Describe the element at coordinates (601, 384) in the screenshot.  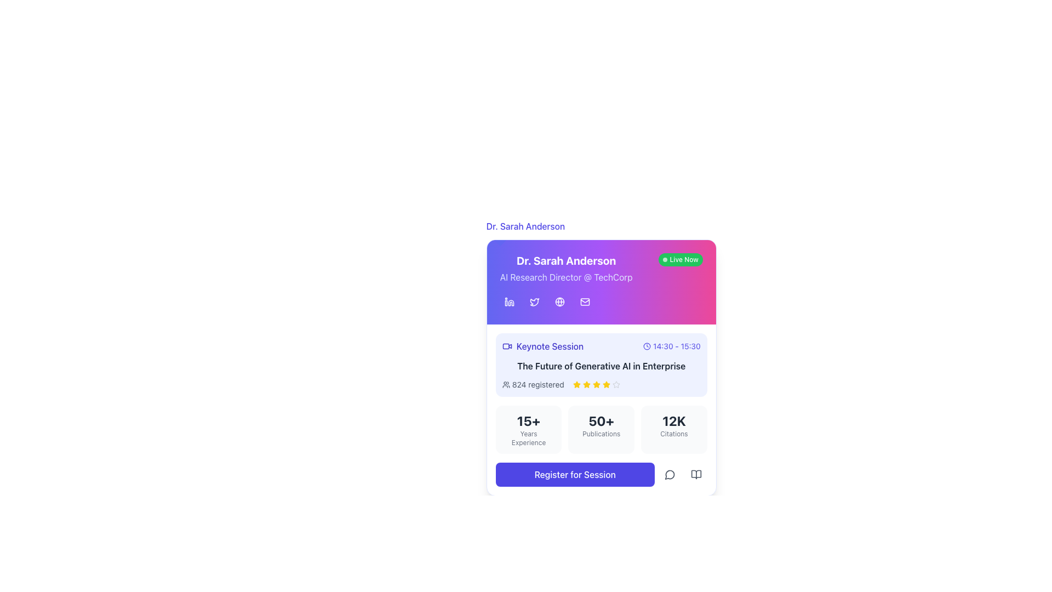
I see `the Information display element that shows the number of users registered (824) and the visual rating (4 out of 5 stars) located at the bottom center of the 'Keynote Session' block` at that location.